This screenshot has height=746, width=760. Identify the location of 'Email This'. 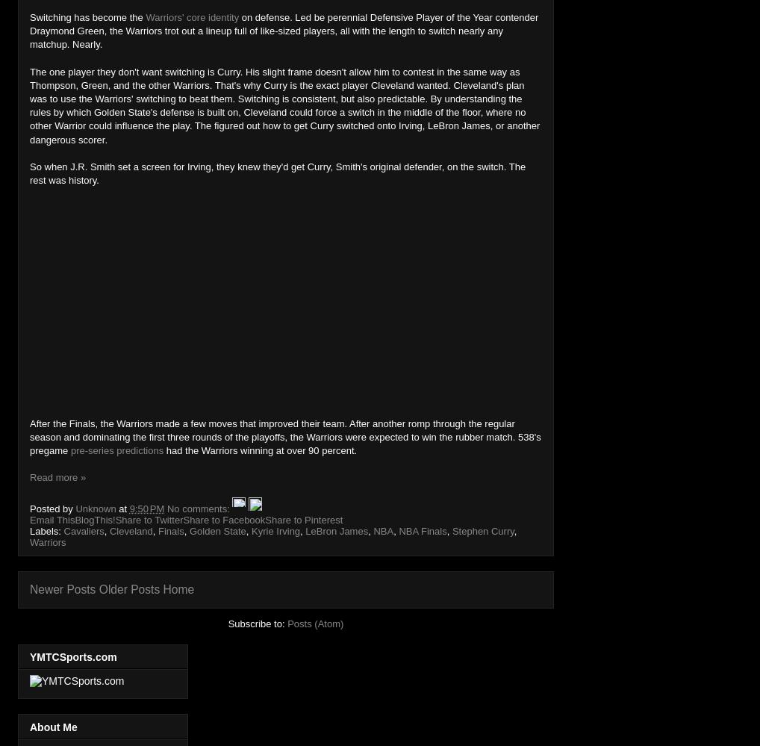
(52, 520).